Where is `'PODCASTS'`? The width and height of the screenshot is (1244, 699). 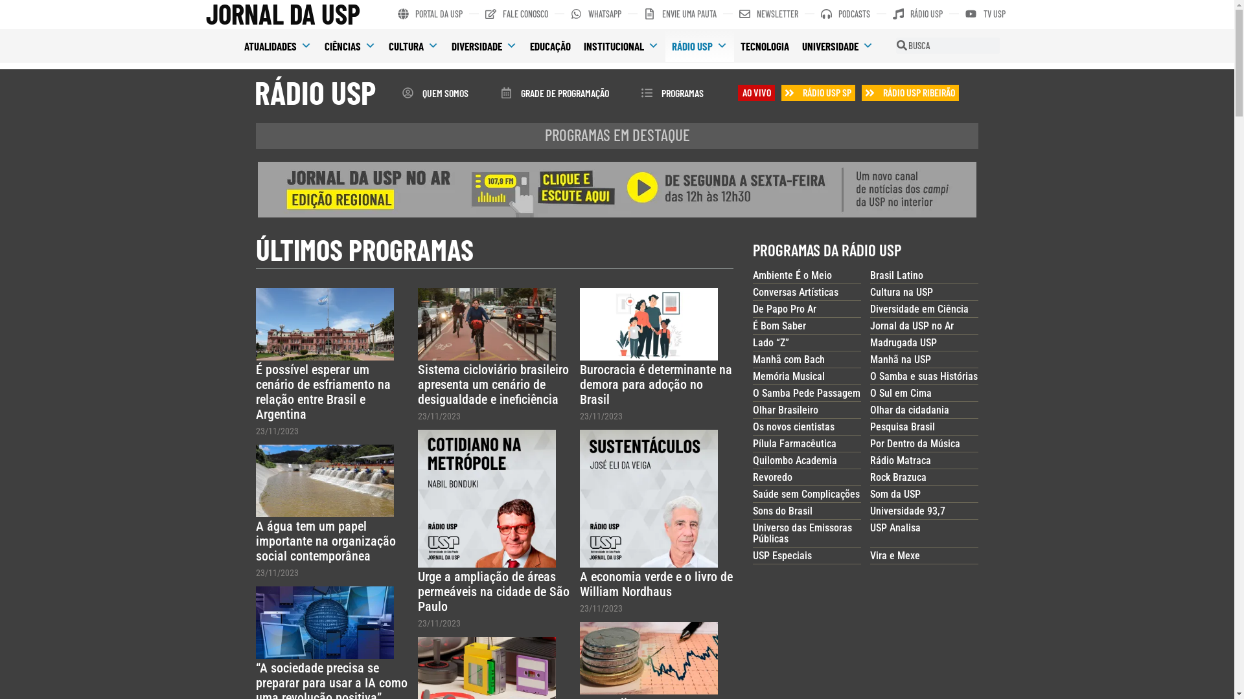 'PODCASTS' is located at coordinates (846, 14).